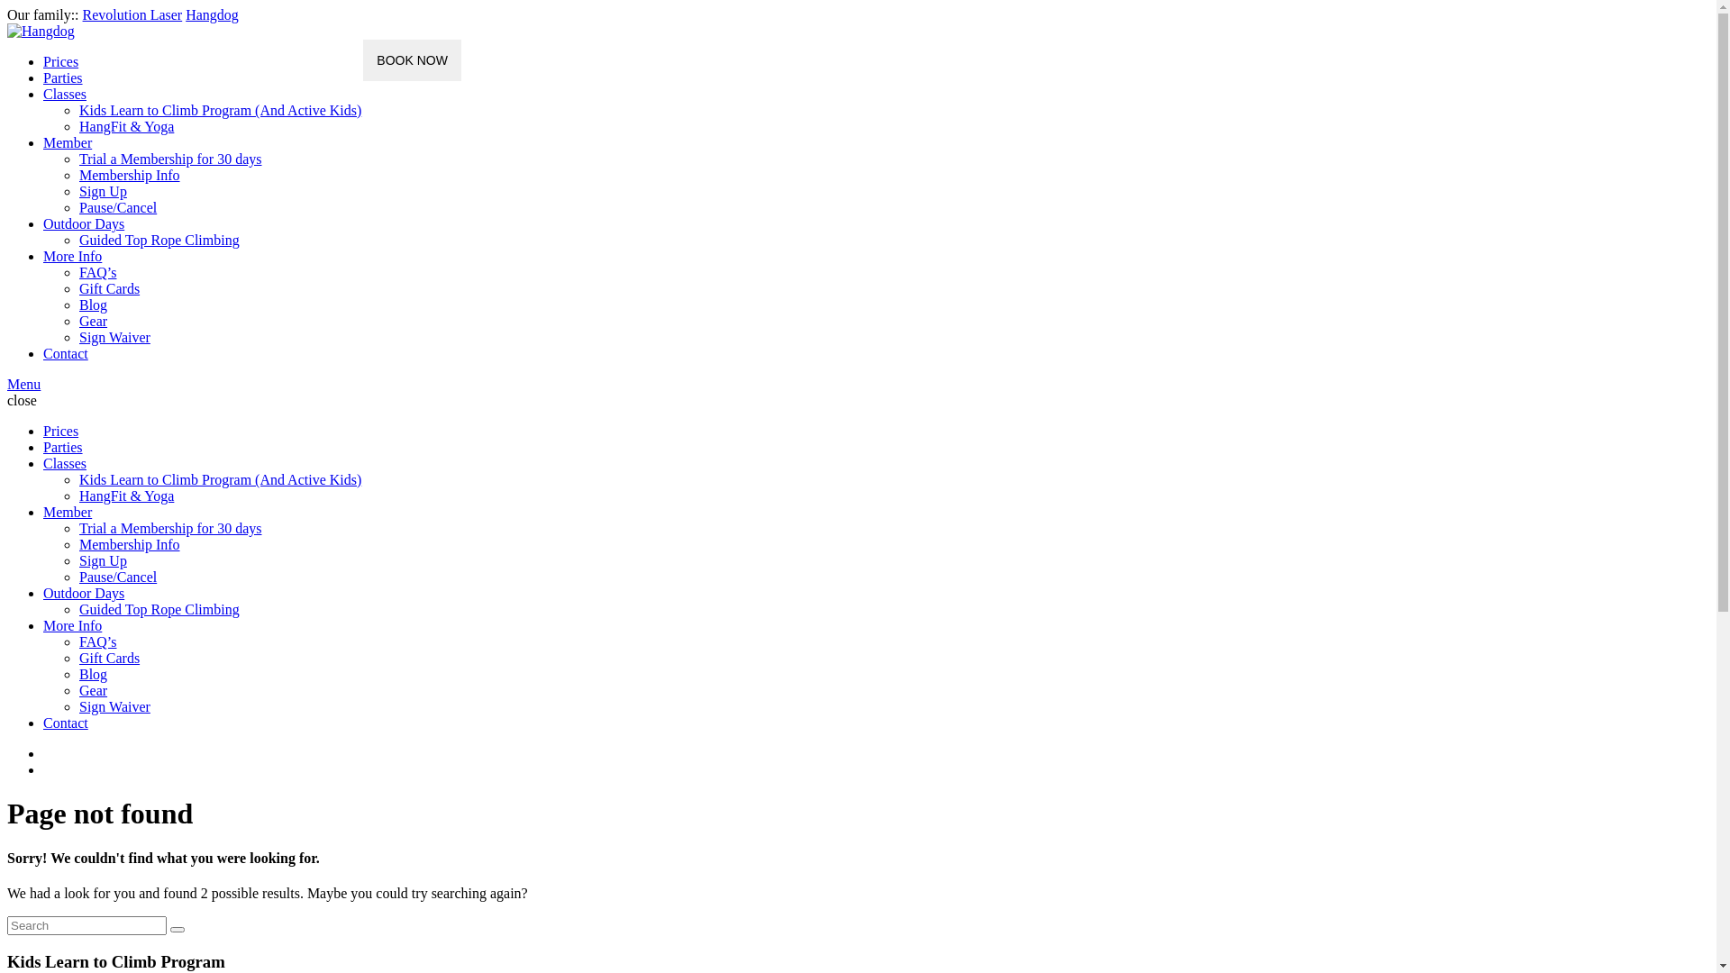 The width and height of the screenshot is (1730, 973). I want to click on 'Guided Top Rope Climbing', so click(159, 608).